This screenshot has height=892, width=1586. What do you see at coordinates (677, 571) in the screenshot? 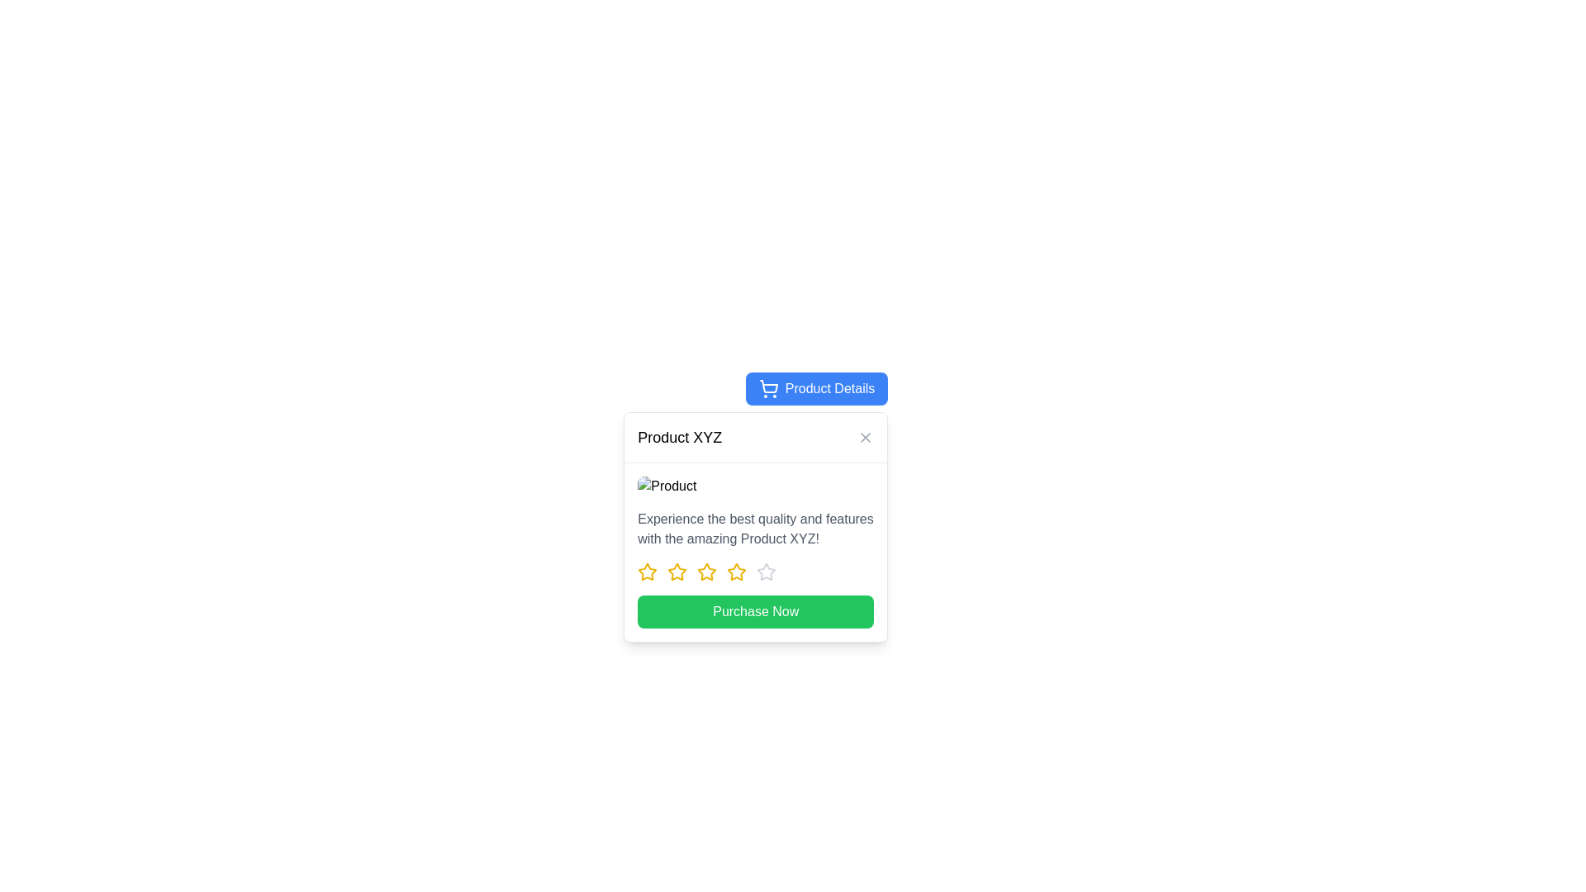
I see `the second star icon in the rating system` at bounding box center [677, 571].